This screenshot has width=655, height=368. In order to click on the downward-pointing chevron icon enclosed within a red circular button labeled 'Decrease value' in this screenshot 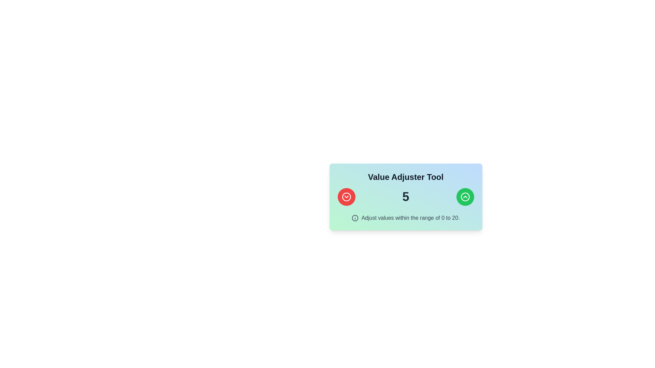, I will do `click(346, 197)`.